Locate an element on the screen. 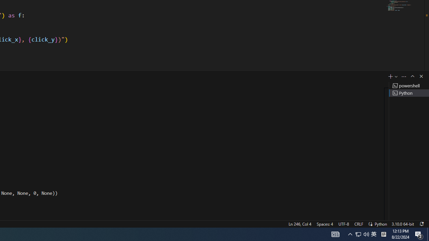  'Views and More Actions...' is located at coordinates (404, 76).